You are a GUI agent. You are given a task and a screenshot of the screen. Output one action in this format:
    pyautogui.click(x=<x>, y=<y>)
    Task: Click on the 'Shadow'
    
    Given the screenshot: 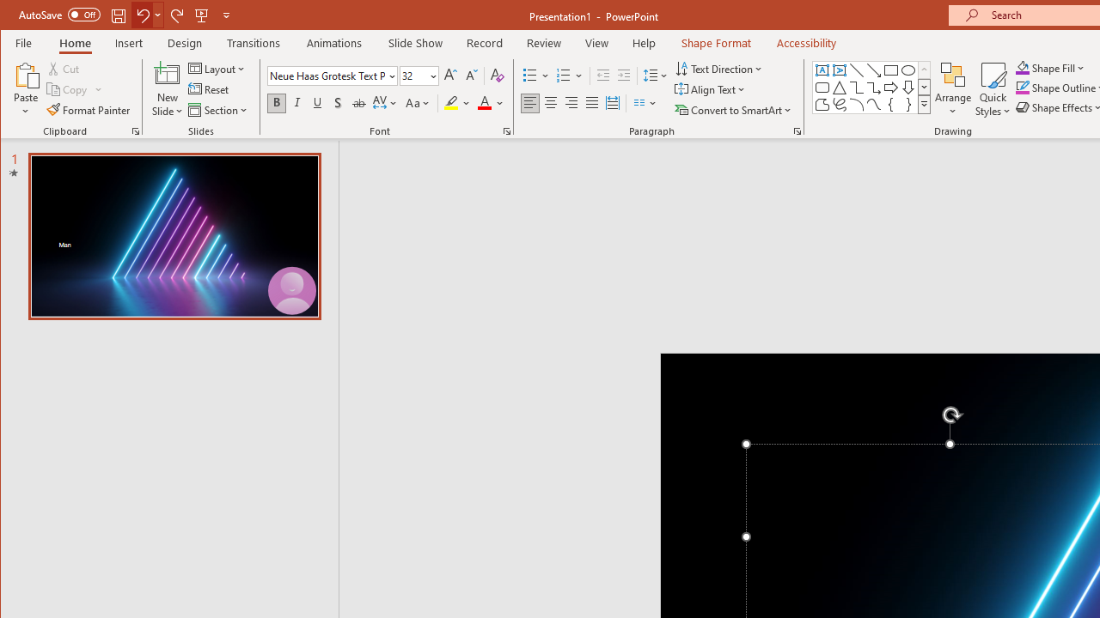 What is the action you would take?
    pyautogui.click(x=338, y=103)
    